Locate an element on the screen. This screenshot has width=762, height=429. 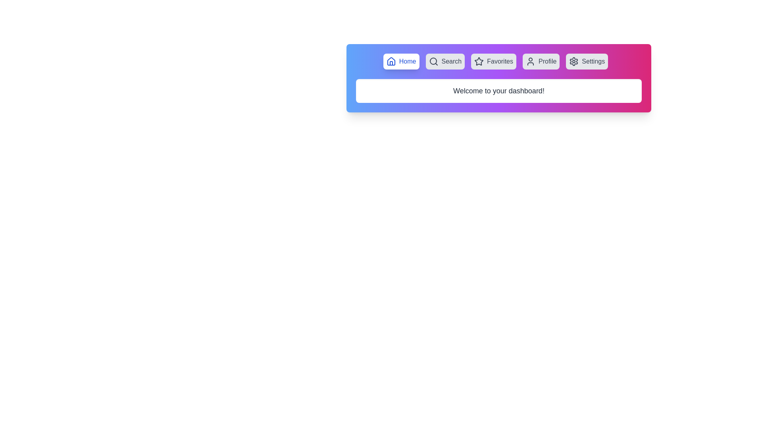
the 'Home' icon located on the leftmost side of the top navigation bar, which serves as a graphical representation of the 'Home' functionality leading to the dashboard is located at coordinates (391, 61).